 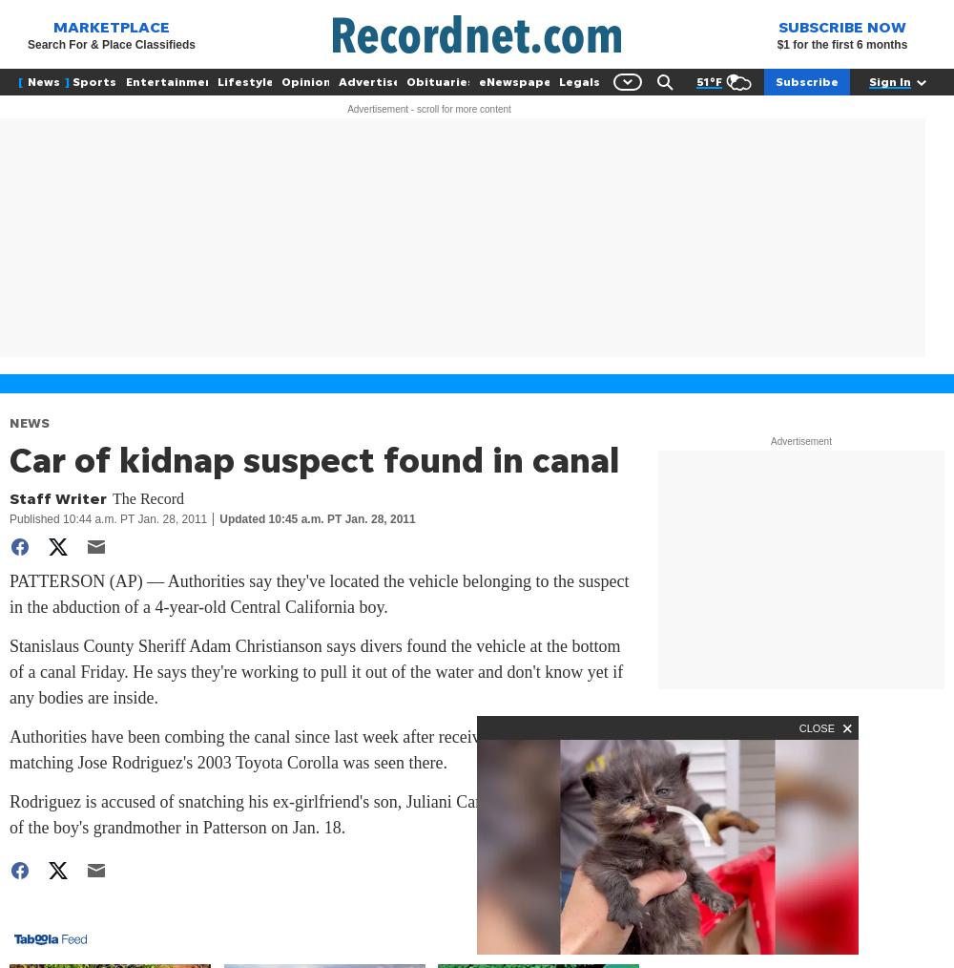 What do you see at coordinates (10, 749) in the screenshot?
I see `'Authorities have been combing the canal since last week after receiving a tip that a vehicle matching Jose Rodriguez's 2003 Toyota Corolla was seen there.'` at bounding box center [10, 749].